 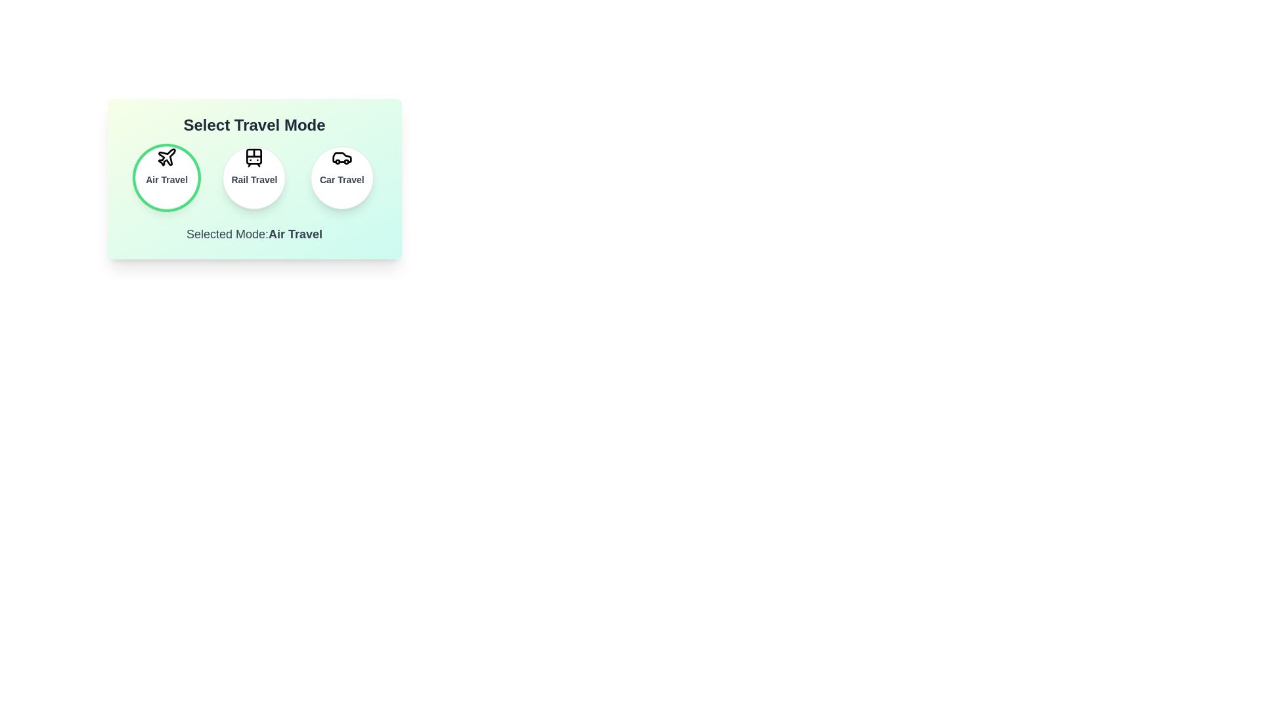 What do you see at coordinates (166, 177) in the screenshot?
I see `the button labeled Air Travel to examine its icon and label` at bounding box center [166, 177].